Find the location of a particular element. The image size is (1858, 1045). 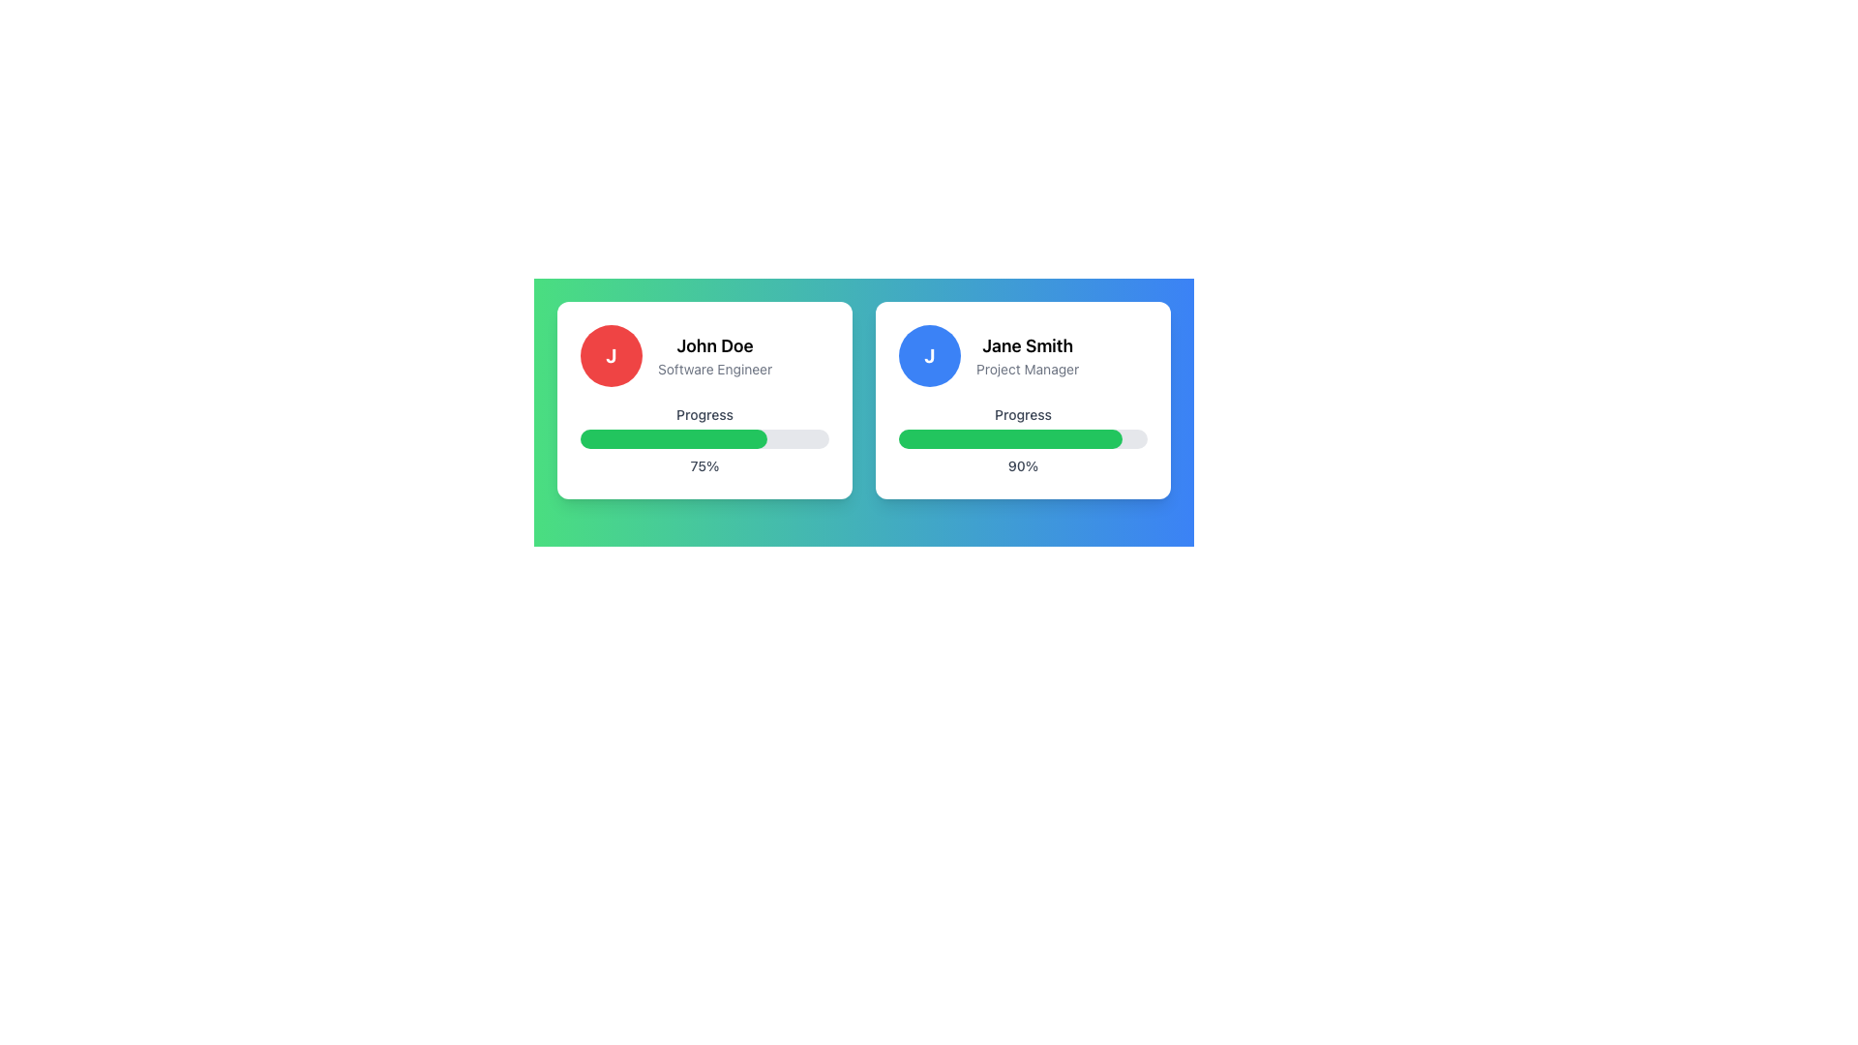

text display that serves as the name or identifier of the individual in the right profile card, located above the designation text 'Project Manager' is located at coordinates (1027, 345).